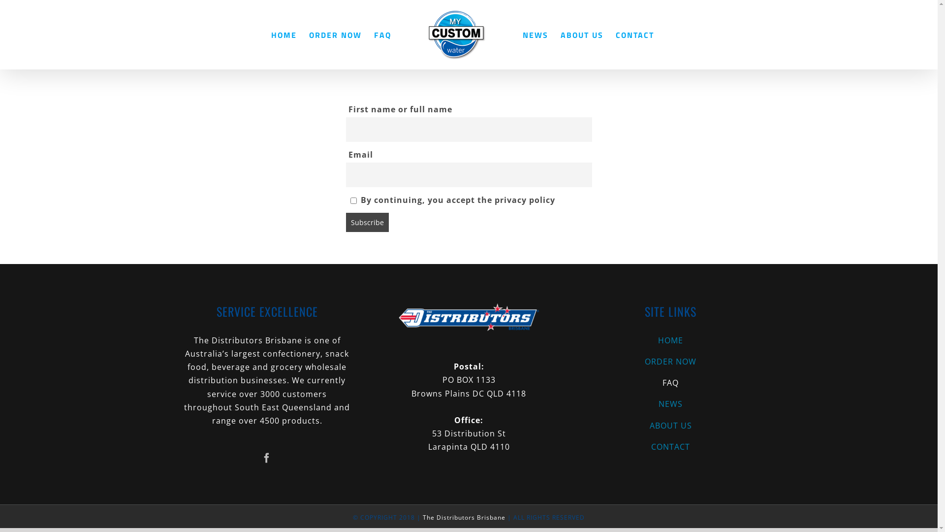 The height and width of the screenshot is (532, 945). What do you see at coordinates (670, 425) in the screenshot?
I see `'ABOUT US'` at bounding box center [670, 425].